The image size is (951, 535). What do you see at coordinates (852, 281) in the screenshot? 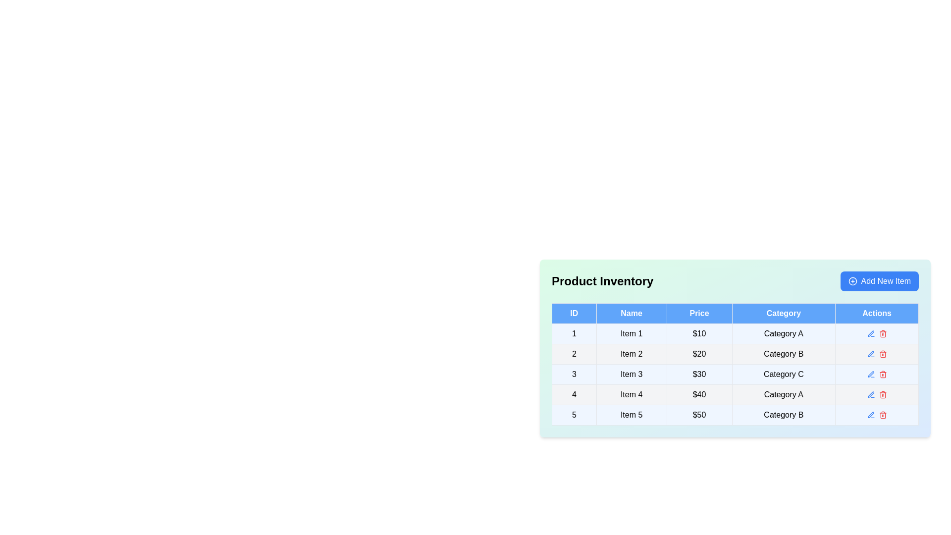
I see `the circular outline shape that indicates the 'Add New Item' functionality, located at the top-right corner of the interface next to the inventory table's header` at bounding box center [852, 281].